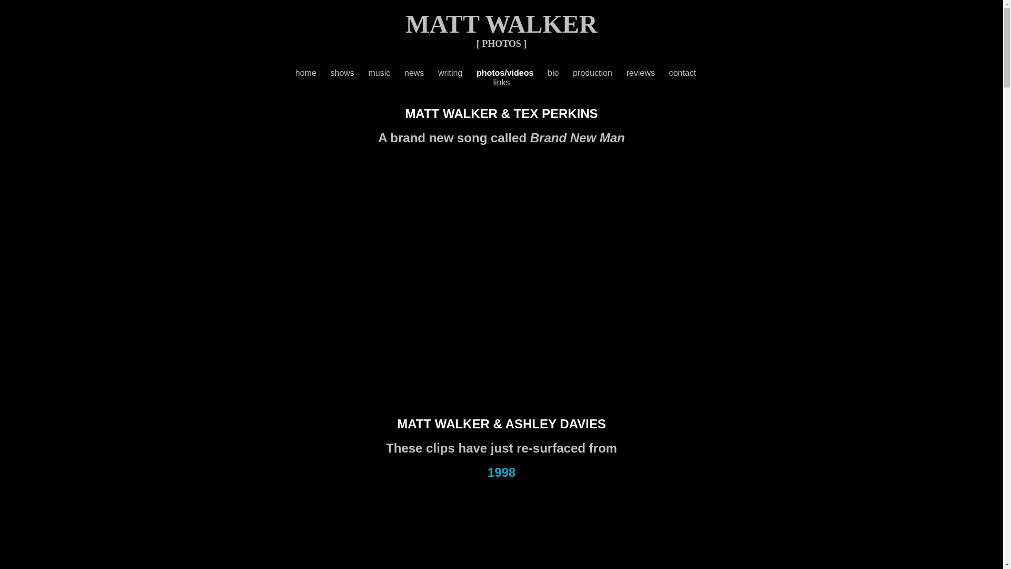 This screenshot has width=1011, height=569. Describe the element at coordinates (295, 270) in the screenshot. I see `'Tex Perkins - Brand New Man (Live from Happy)'` at that location.